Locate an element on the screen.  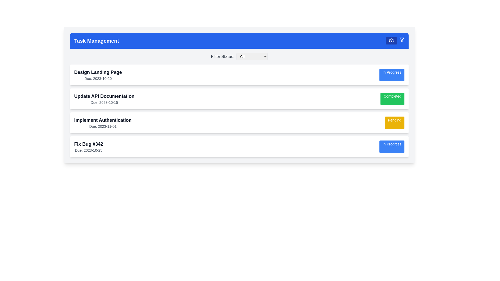
the text label displaying 'Task Management' in bold white text on a blue background at the top-left corner of the header section is located at coordinates (96, 41).